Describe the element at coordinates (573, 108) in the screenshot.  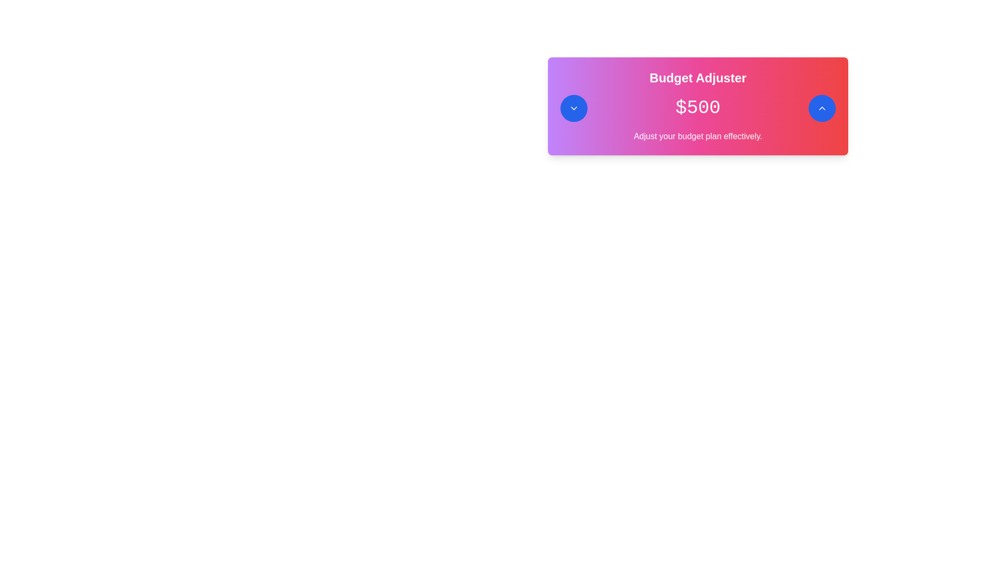
I see `the button that decreases the monetary value displayed as '$500', located to the left of the value and aligned with other blue circular components` at that location.